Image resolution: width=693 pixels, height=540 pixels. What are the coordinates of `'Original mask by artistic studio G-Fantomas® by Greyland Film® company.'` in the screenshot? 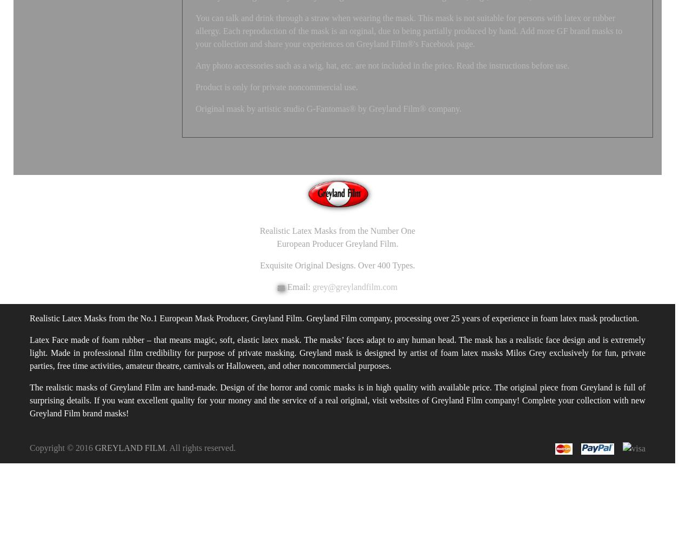 It's located at (196, 108).